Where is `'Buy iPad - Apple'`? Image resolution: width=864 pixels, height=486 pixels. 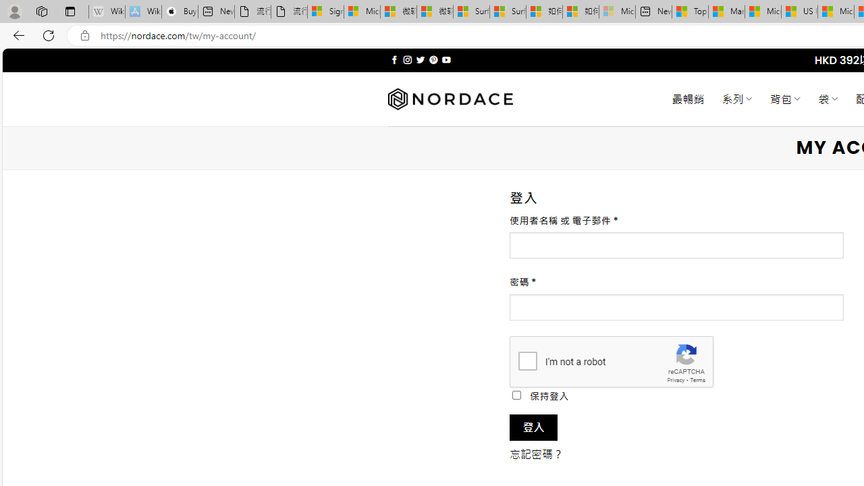
'Buy iPad - Apple' is located at coordinates (179, 11).